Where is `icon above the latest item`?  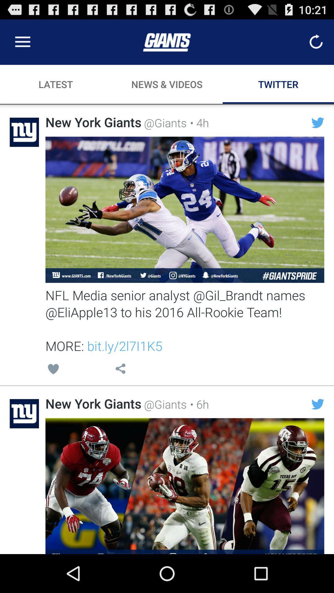
icon above the latest item is located at coordinates (22, 42).